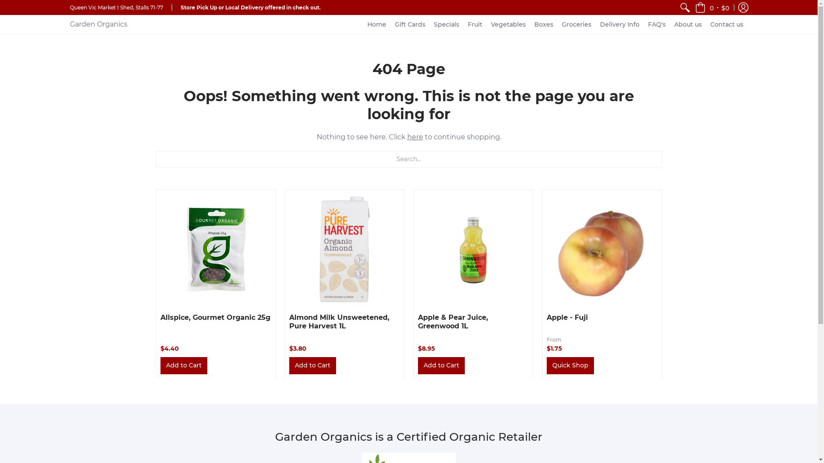  What do you see at coordinates (475, 24) in the screenshot?
I see `'Fruit'` at bounding box center [475, 24].